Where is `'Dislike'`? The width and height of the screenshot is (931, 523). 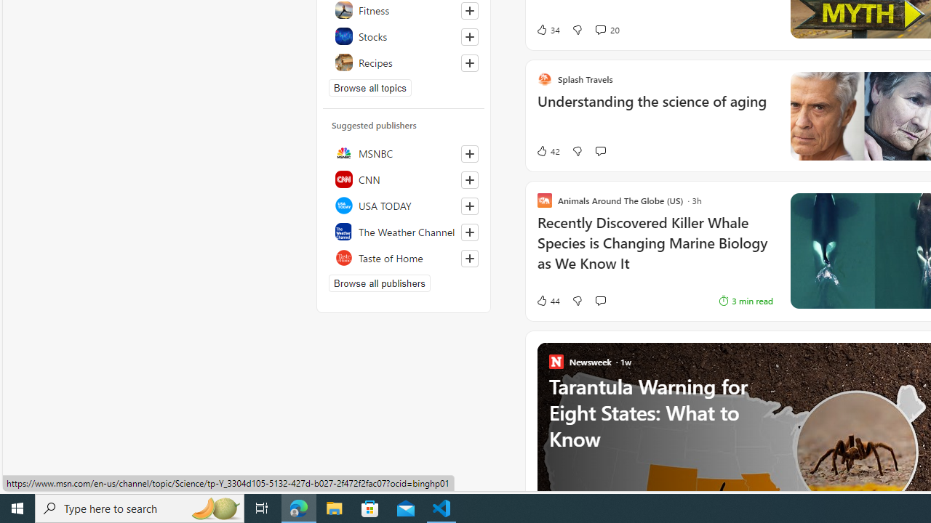
'Dislike' is located at coordinates (576, 300).